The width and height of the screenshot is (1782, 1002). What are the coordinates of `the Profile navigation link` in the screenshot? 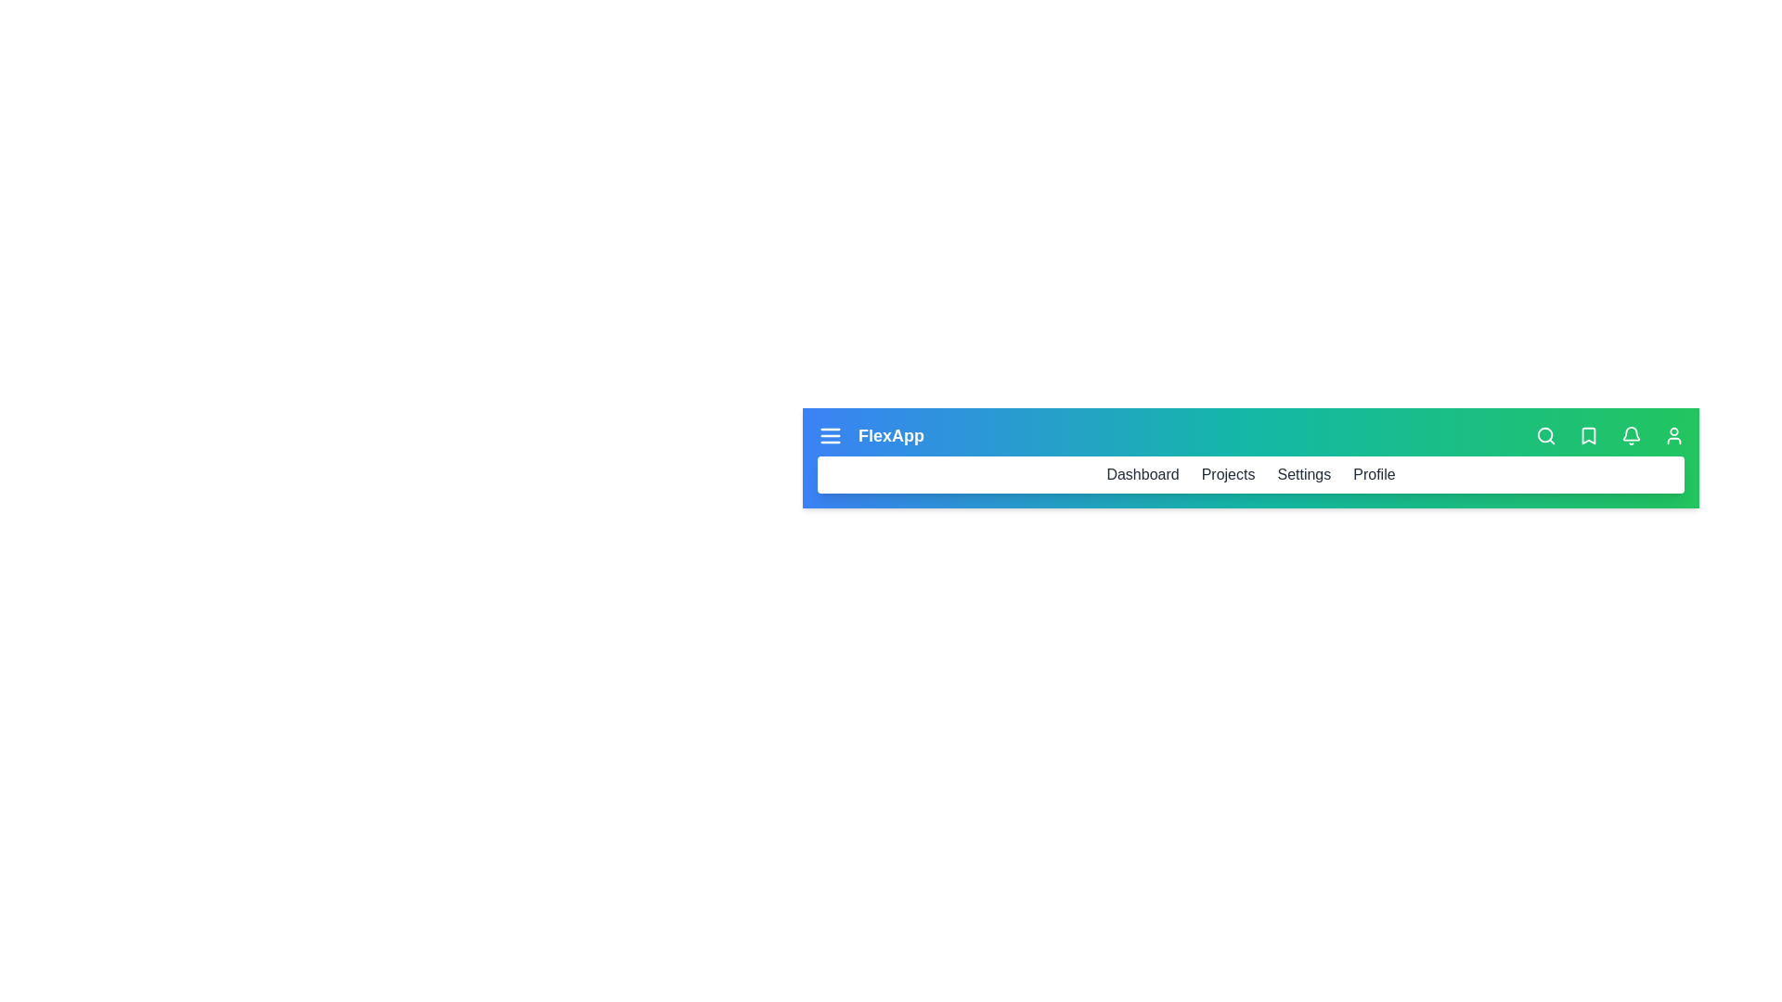 It's located at (1373, 474).